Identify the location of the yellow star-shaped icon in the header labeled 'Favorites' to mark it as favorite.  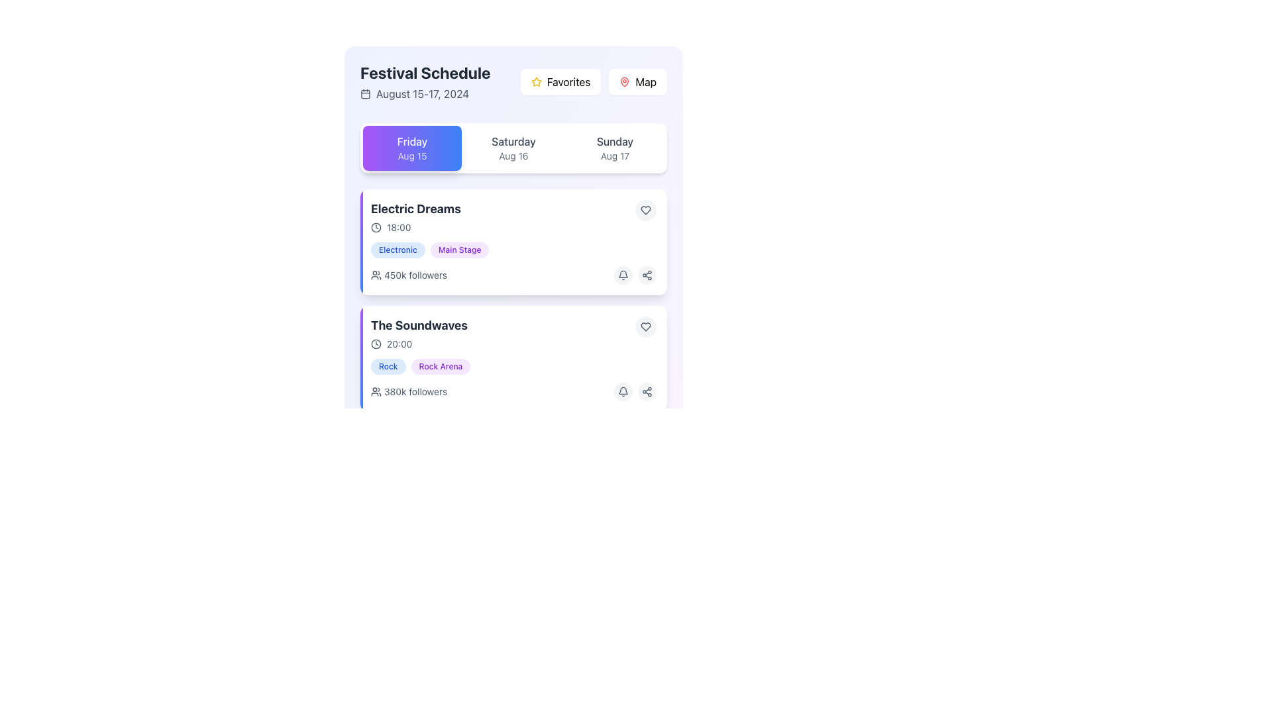
(537, 81).